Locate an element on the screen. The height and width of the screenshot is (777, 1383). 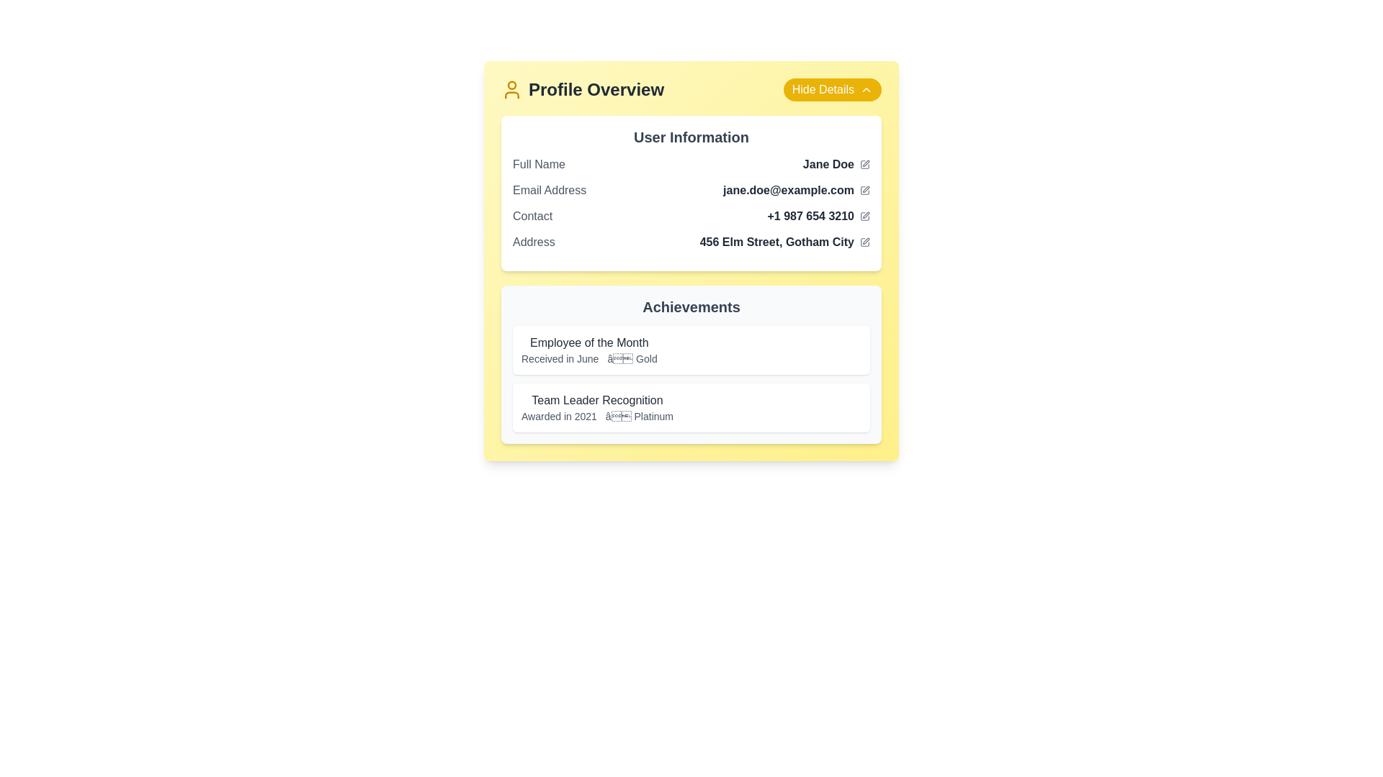
the text display element containing 'Jane Doe', which is bold and dark gray, located under the 'User Information' section following the 'Full Name' label is located at coordinates (836, 163).